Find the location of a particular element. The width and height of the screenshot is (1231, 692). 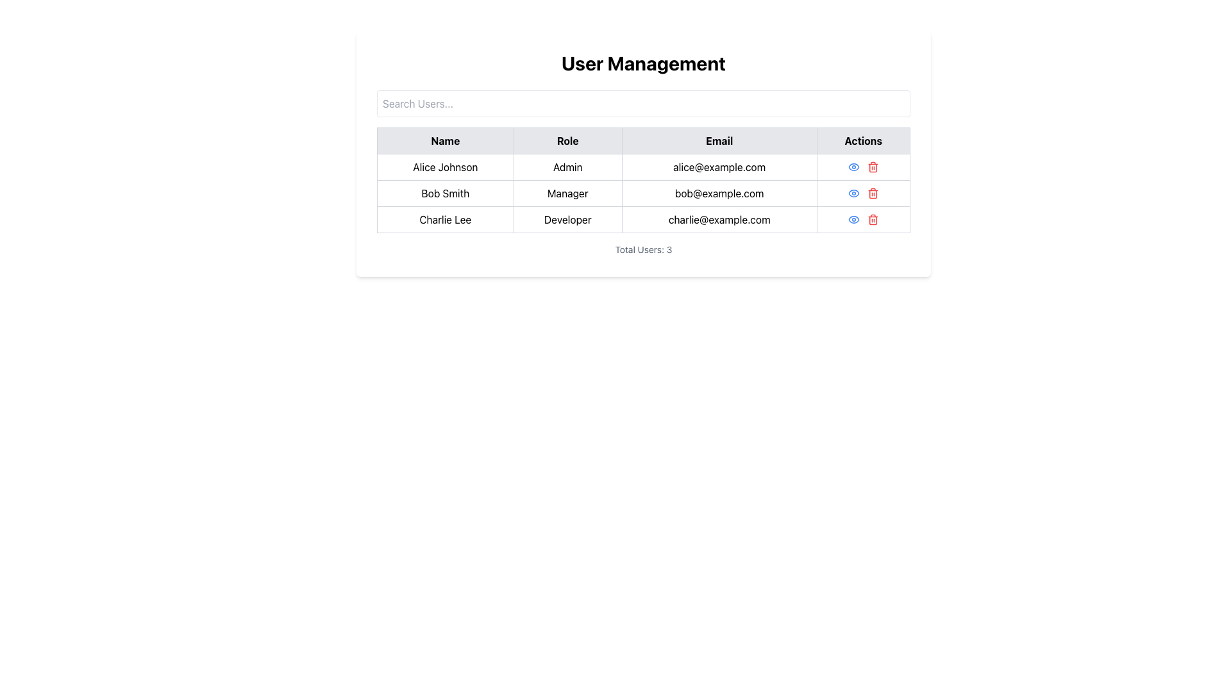

the third row in the user management table is located at coordinates (643, 219).